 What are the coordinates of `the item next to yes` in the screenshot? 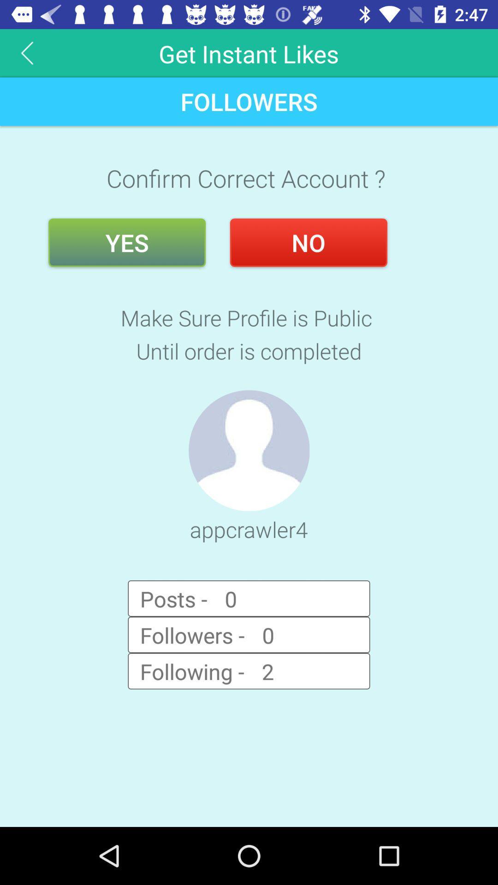 It's located at (308, 242).